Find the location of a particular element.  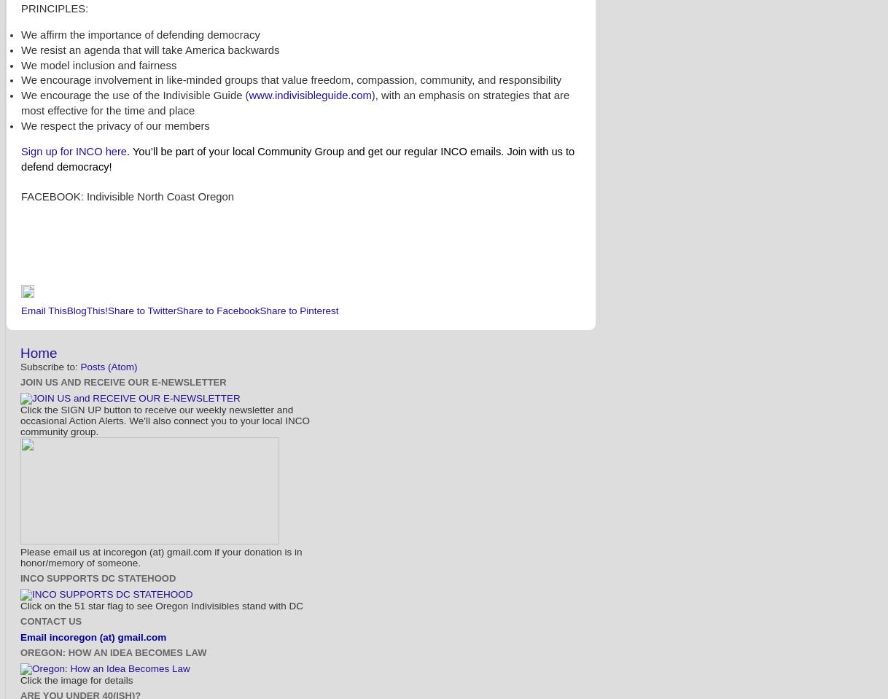

'Please email us at incoregon (at) gmail.com if your donation is in honor/memory of someone.' is located at coordinates (160, 557).